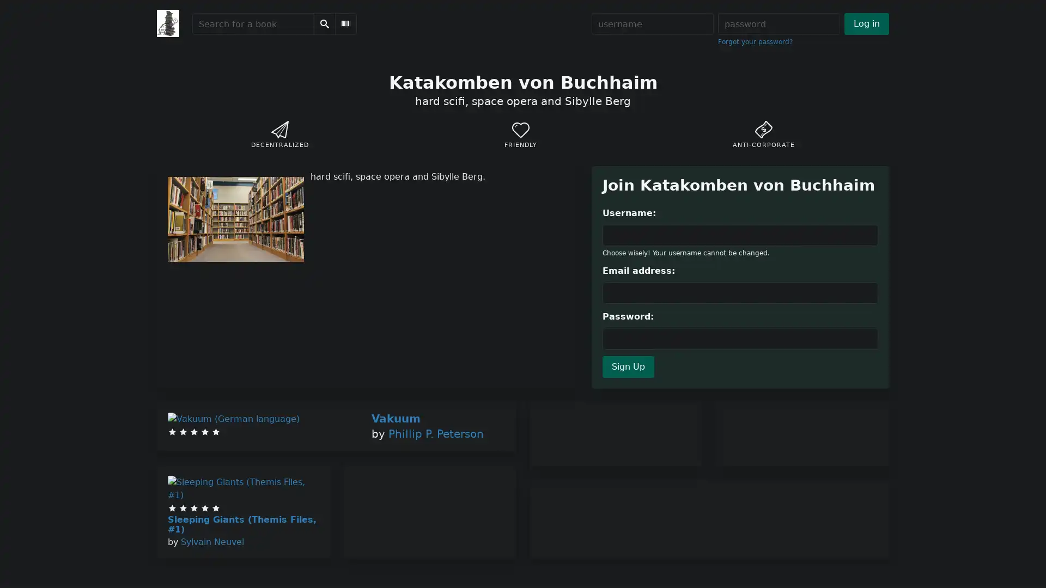 The height and width of the screenshot is (588, 1046). Describe the element at coordinates (344, 23) in the screenshot. I see `Scan Barcode` at that location.